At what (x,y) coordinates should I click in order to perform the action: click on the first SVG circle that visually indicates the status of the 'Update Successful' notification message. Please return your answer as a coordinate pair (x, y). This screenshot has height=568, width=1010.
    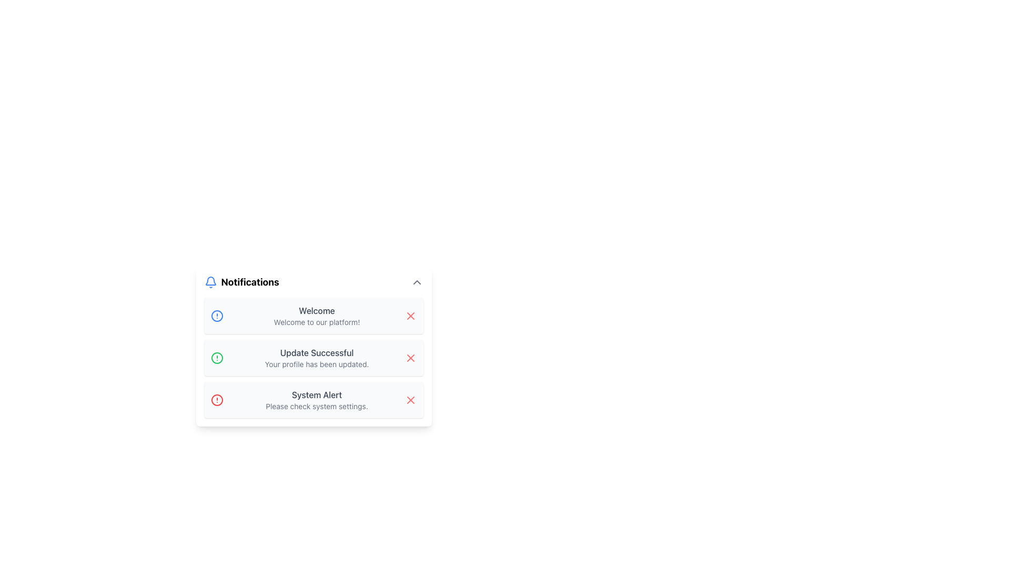
    Looking at the image, I should click on (216, 358).